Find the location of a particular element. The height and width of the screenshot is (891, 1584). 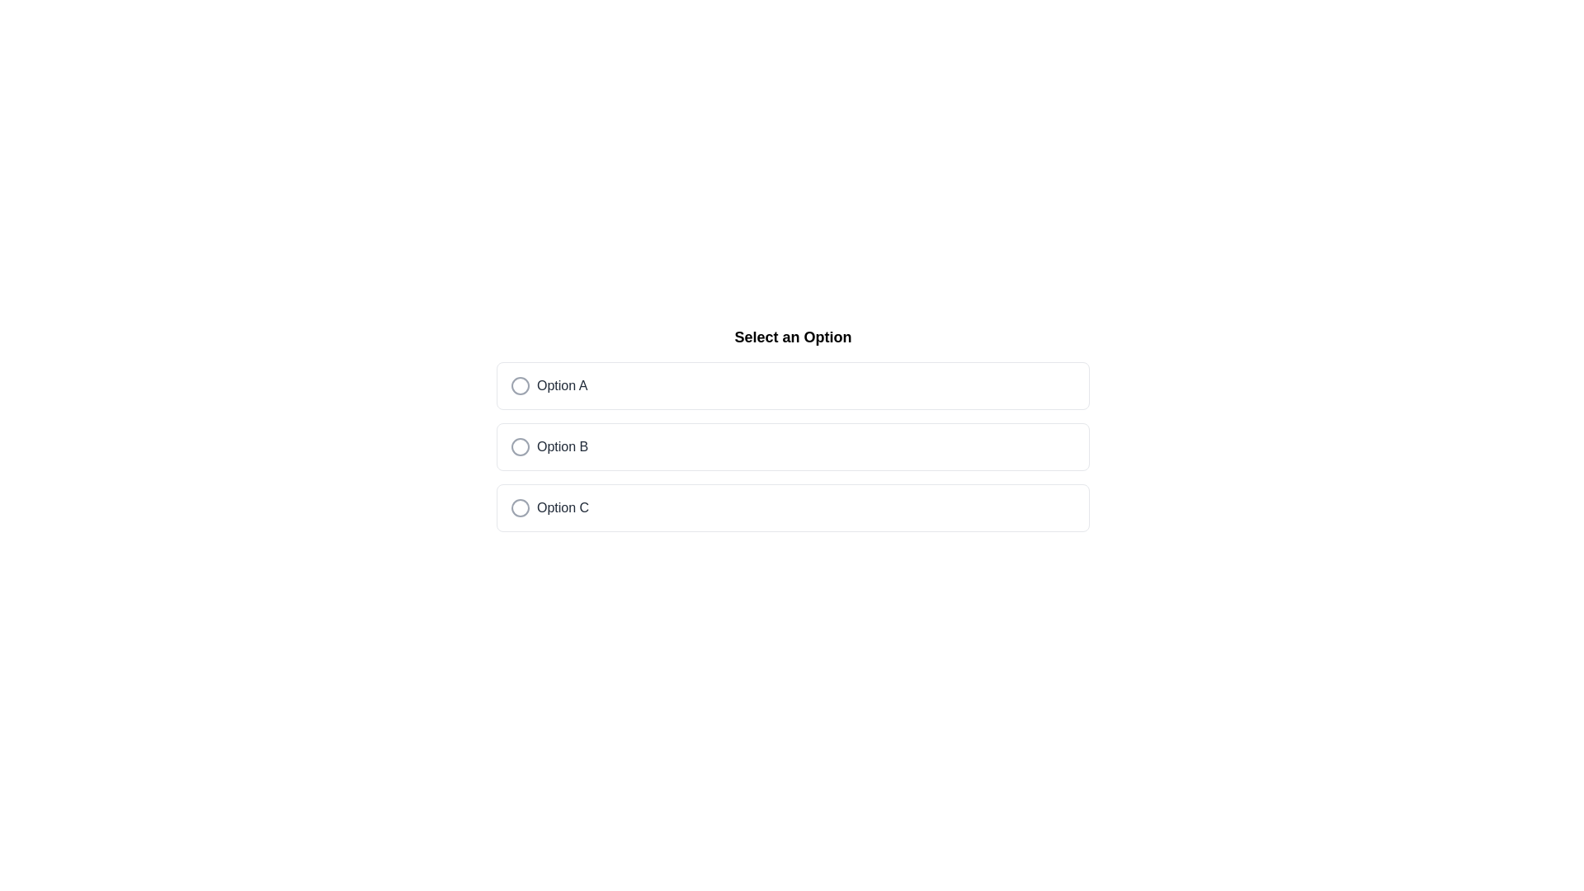

the second option in the selectable list labeled 'Select an Option' is located at coordinates (793, 447).